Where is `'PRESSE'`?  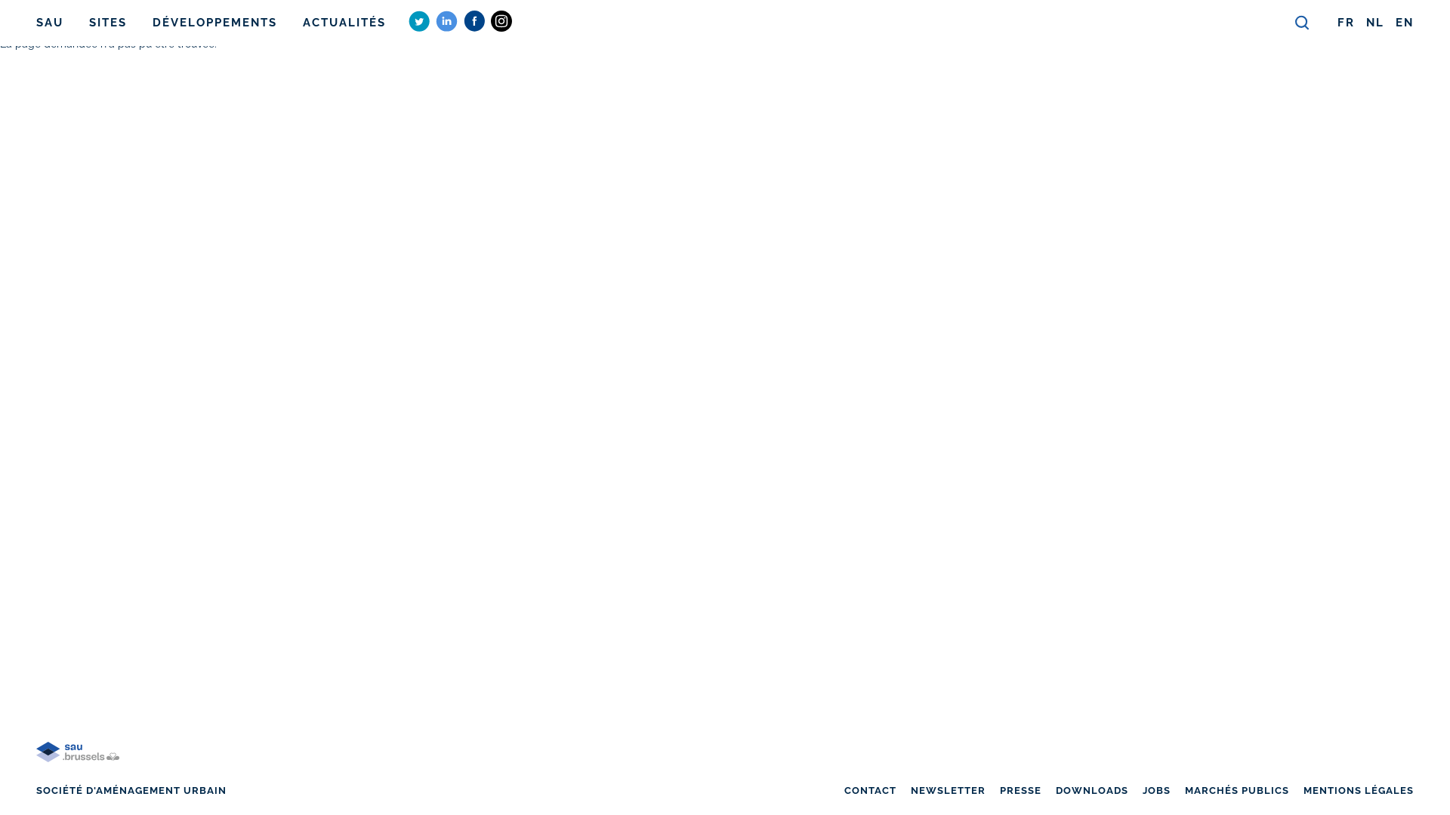 'PRESSE' is located at coordinates (1000, 789).